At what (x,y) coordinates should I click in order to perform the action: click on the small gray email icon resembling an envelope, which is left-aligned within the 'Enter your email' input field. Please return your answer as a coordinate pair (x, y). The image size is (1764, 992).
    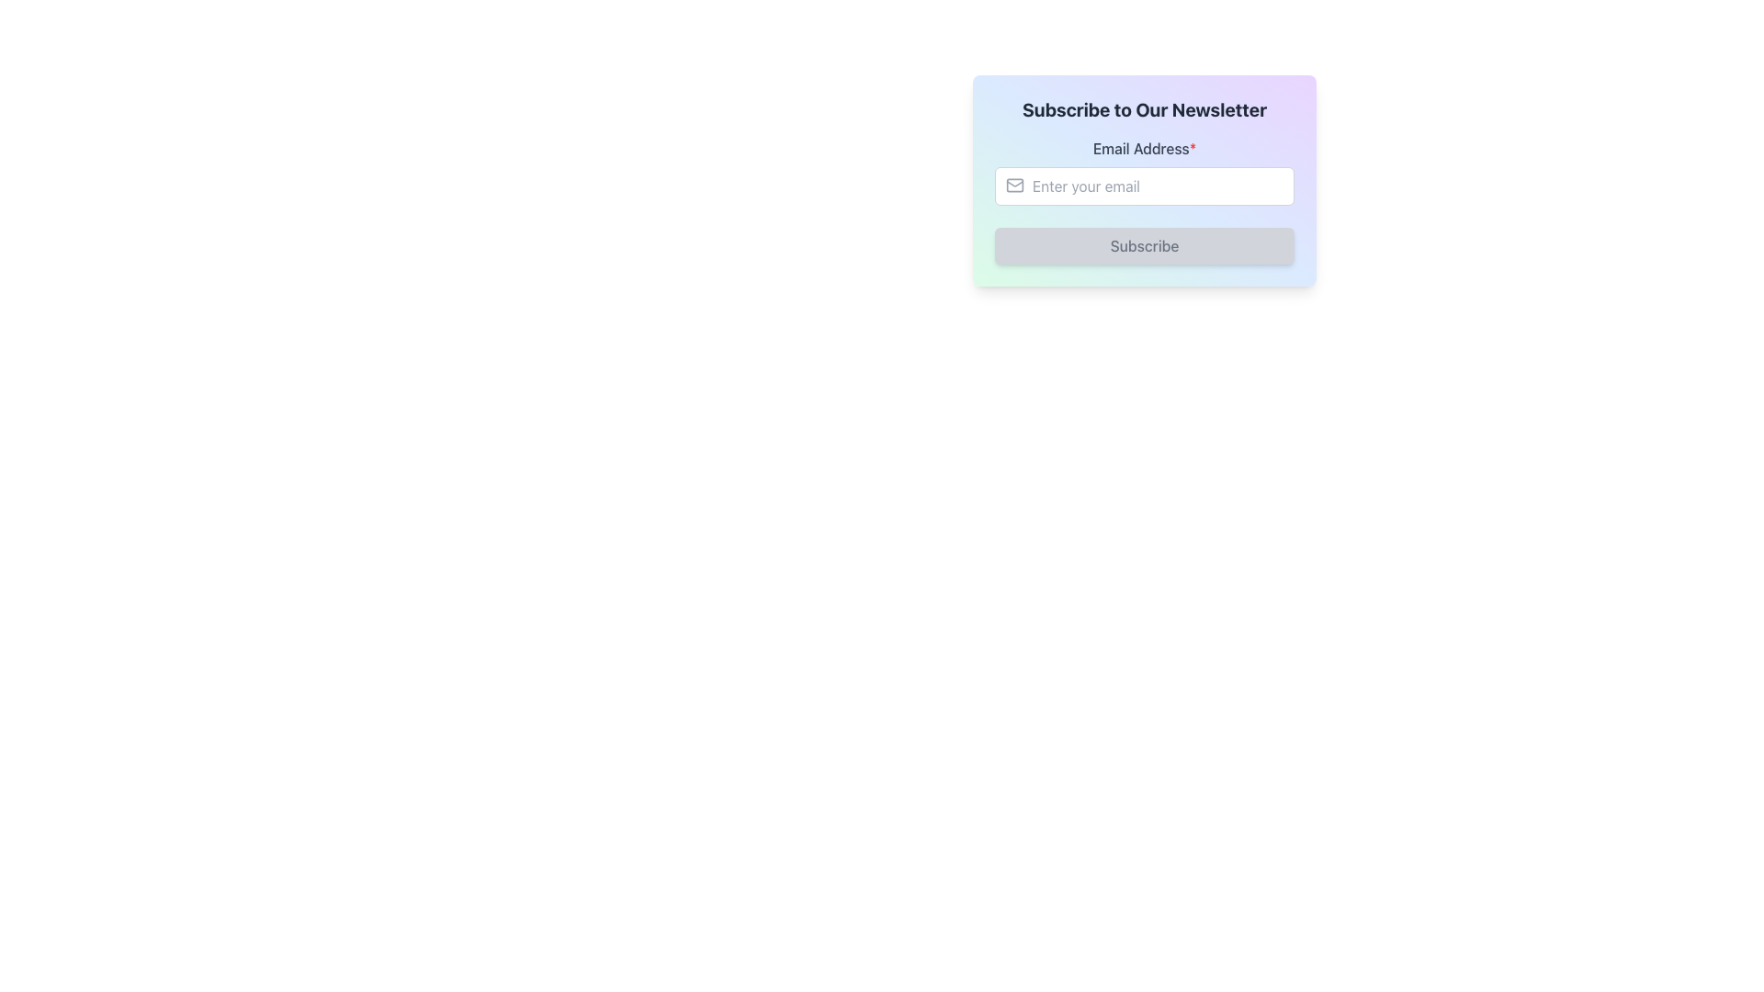
    Looking at the image, I should click on (1013, 185).